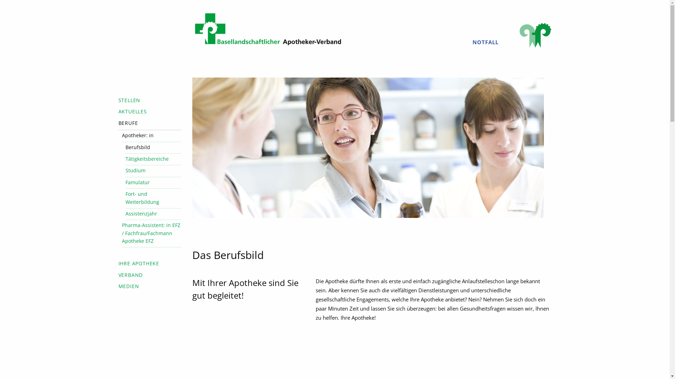 The width and height of the screenshot is (675, 379). Describe the element at coordinates (149, 264) in the screenshot. I see `'IHRE APOTHEKE'` at that location.